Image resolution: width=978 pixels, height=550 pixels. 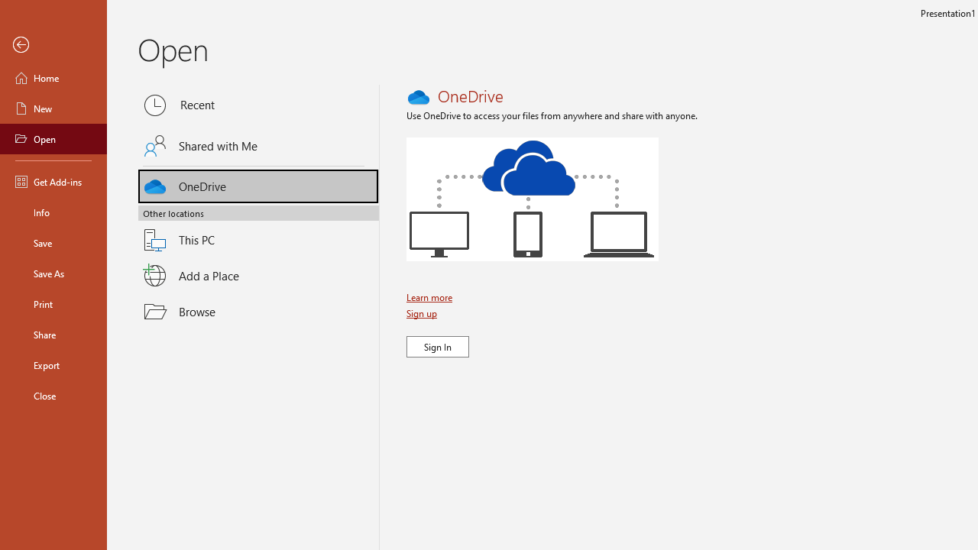 What do you see at coordinates (53, 365) in the screenshot?
I see `'Export'` at bounding box center [53, 365].